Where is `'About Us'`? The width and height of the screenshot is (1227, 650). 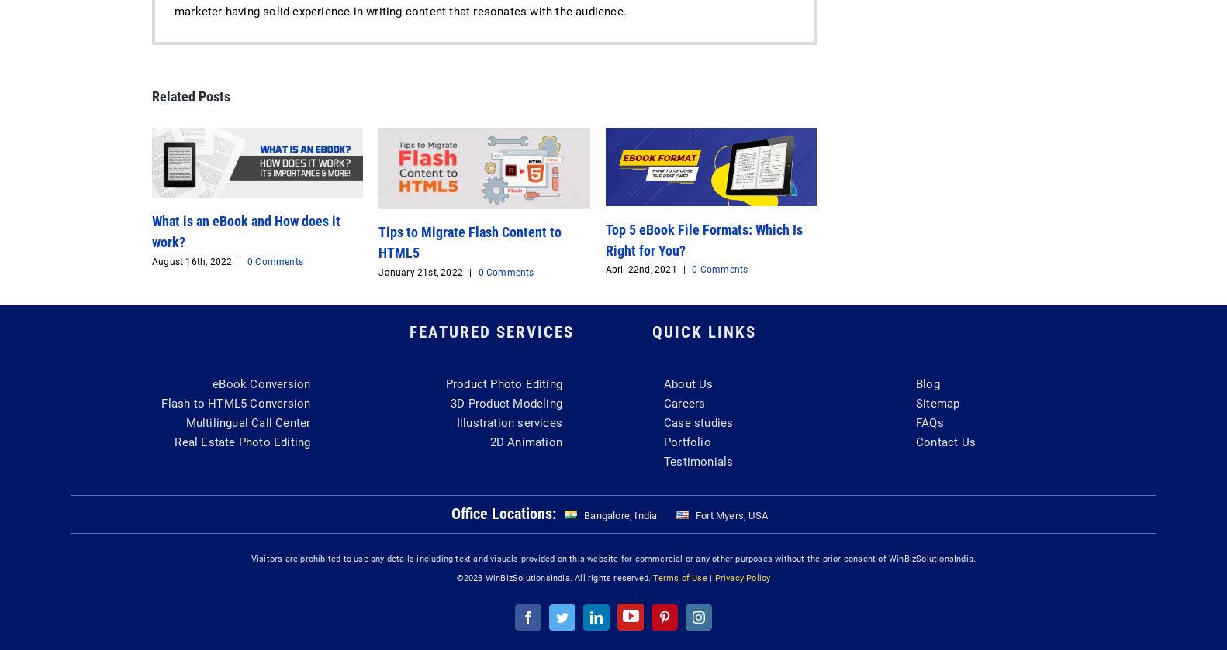
'About Us' is located at coordinates (688, 383).